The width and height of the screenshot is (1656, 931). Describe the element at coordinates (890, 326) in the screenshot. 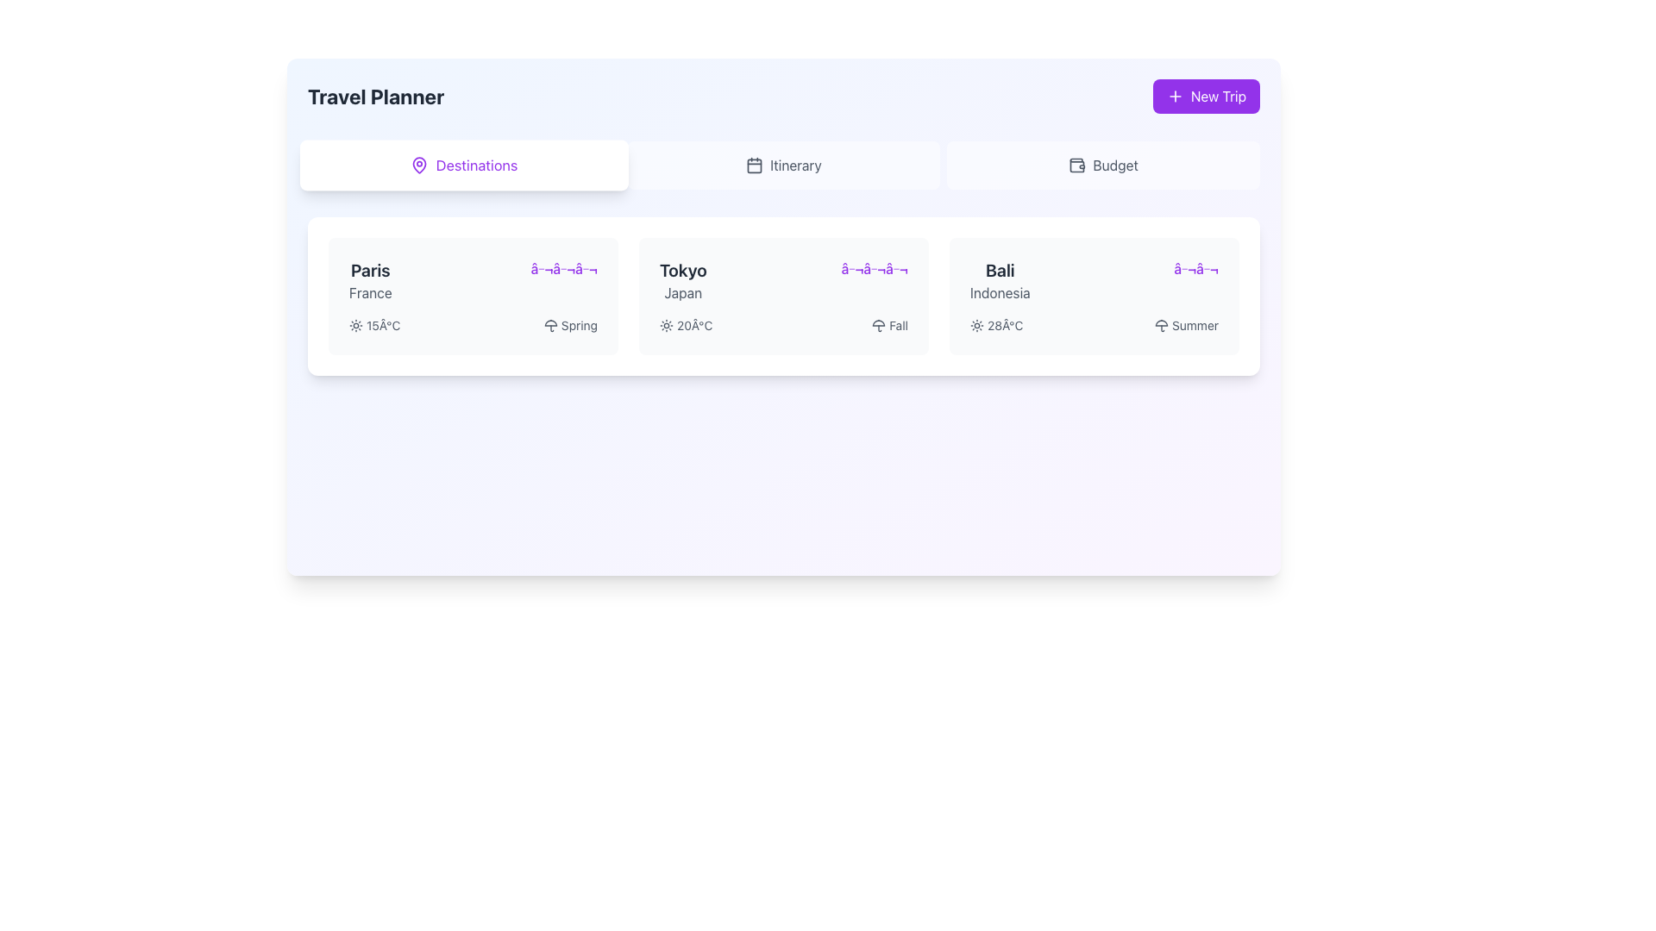

I see `the text label 'Fall' with the umbrella icon, which is located next to the temperature display '20°C' within the card for the destination 'Tokyo'` at that location.